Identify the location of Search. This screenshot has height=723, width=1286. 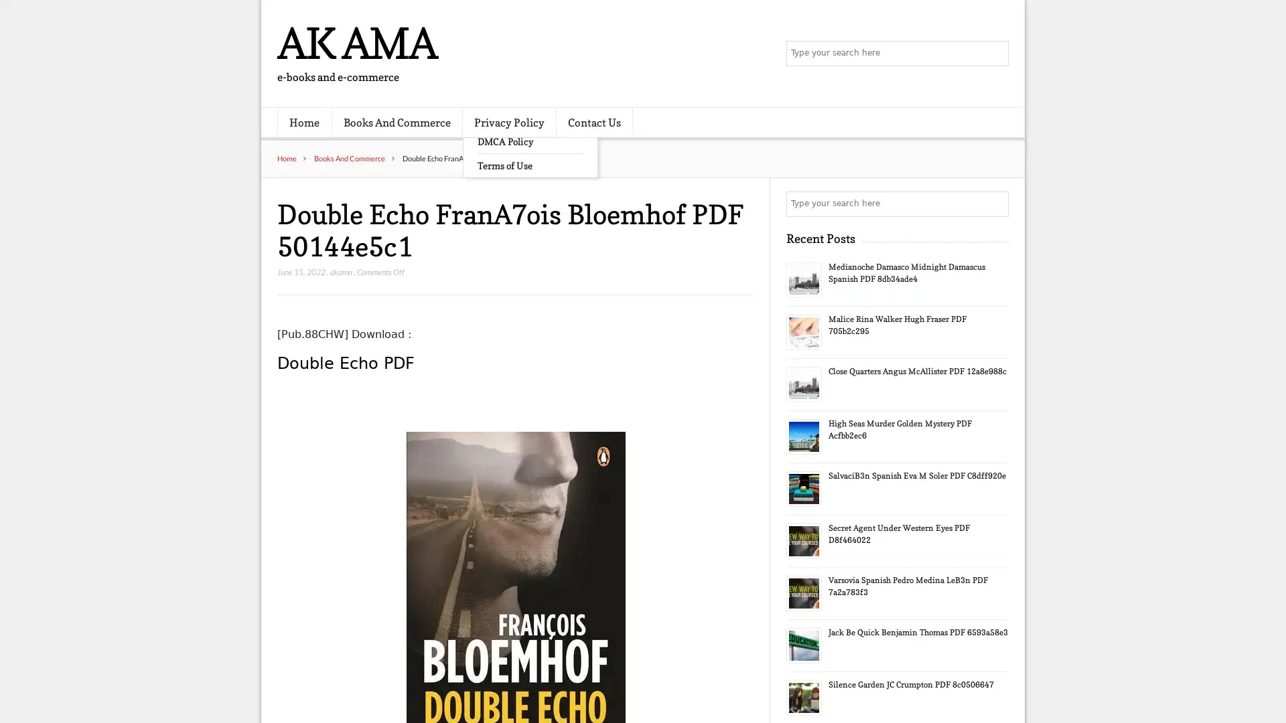
(995, 54).